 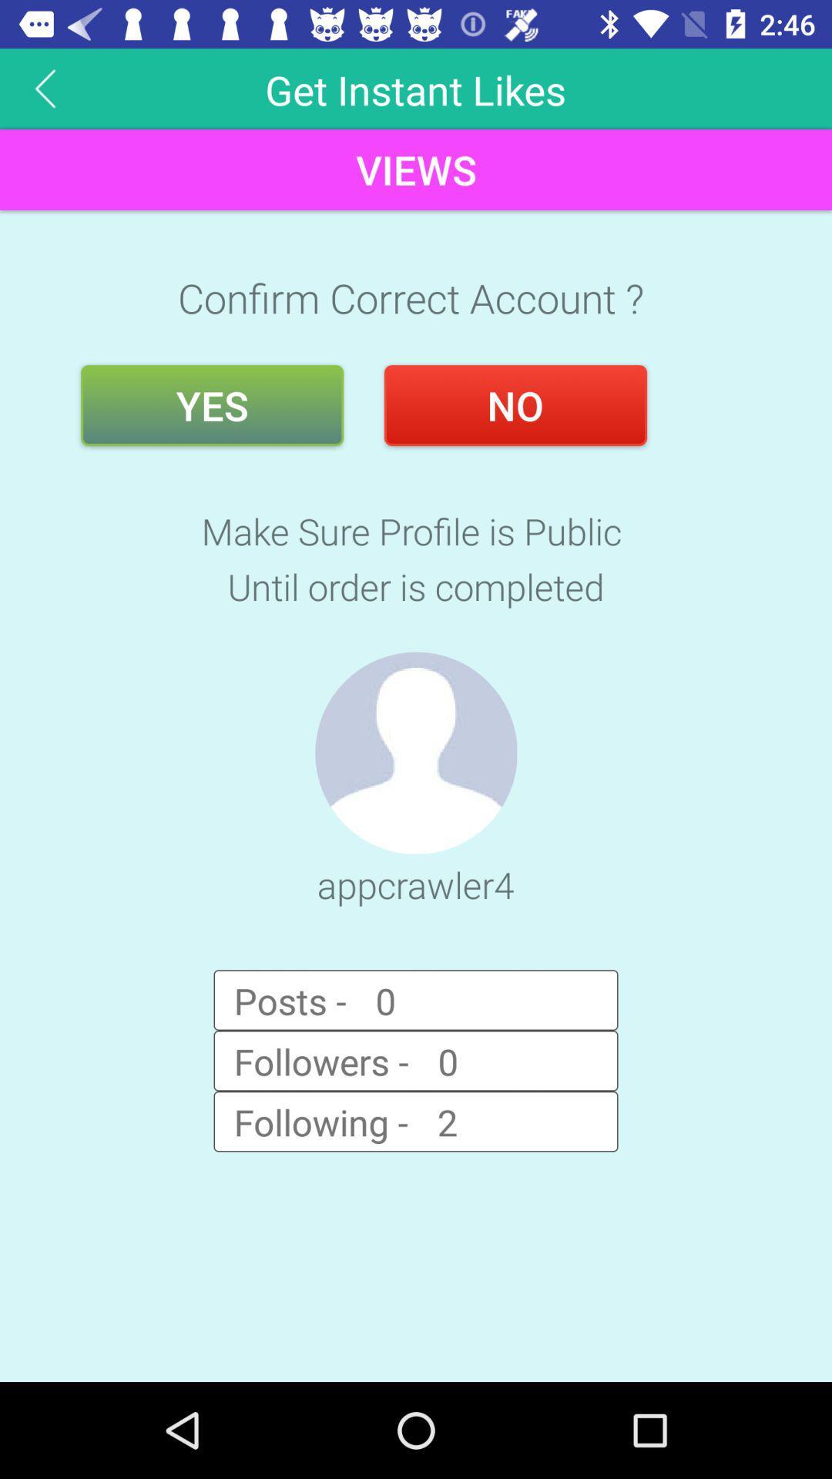 What do you see at coordinates (45, 88) in the screenshot?
I see `the arrow_backward icon` at bounding box center [45, 88].